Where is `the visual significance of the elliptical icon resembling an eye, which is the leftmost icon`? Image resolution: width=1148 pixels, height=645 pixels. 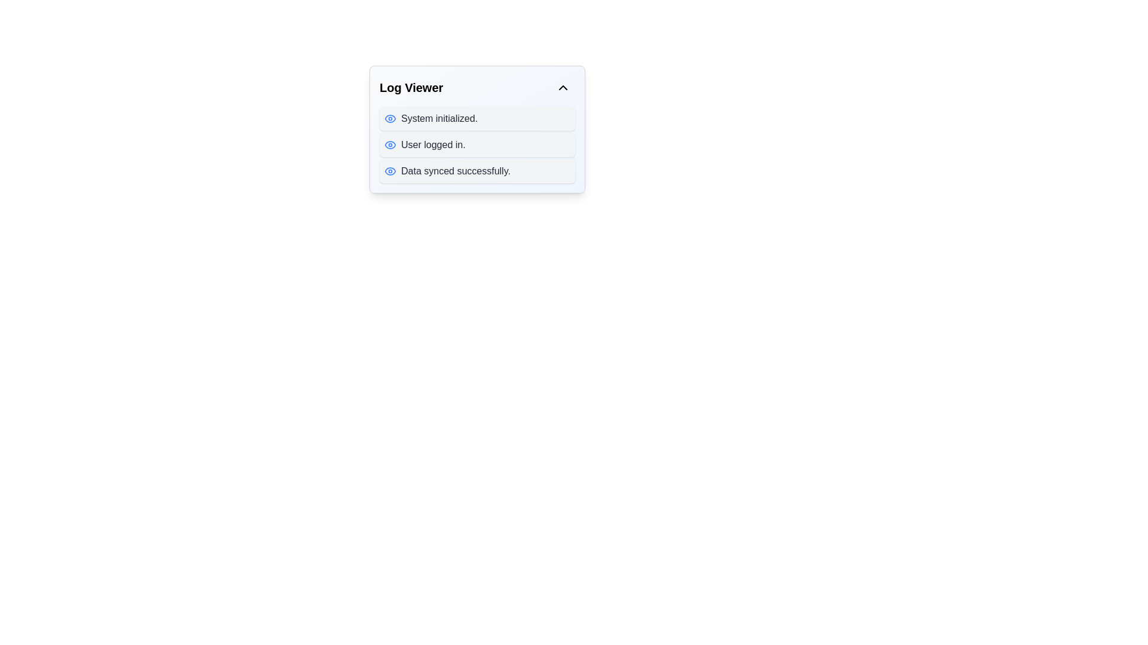 the visual significance of the elliptical icon resembling an eye, which is the leftmost icon is located at coordinates (390, 119).